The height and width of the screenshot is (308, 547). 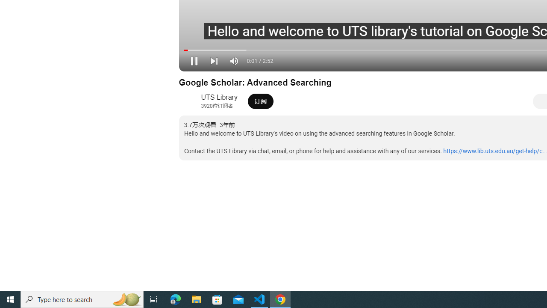 What do you see at coordinates (219, 97) in the screenshot?
I see `'UTS Library'` at bounding box center [219, 97].